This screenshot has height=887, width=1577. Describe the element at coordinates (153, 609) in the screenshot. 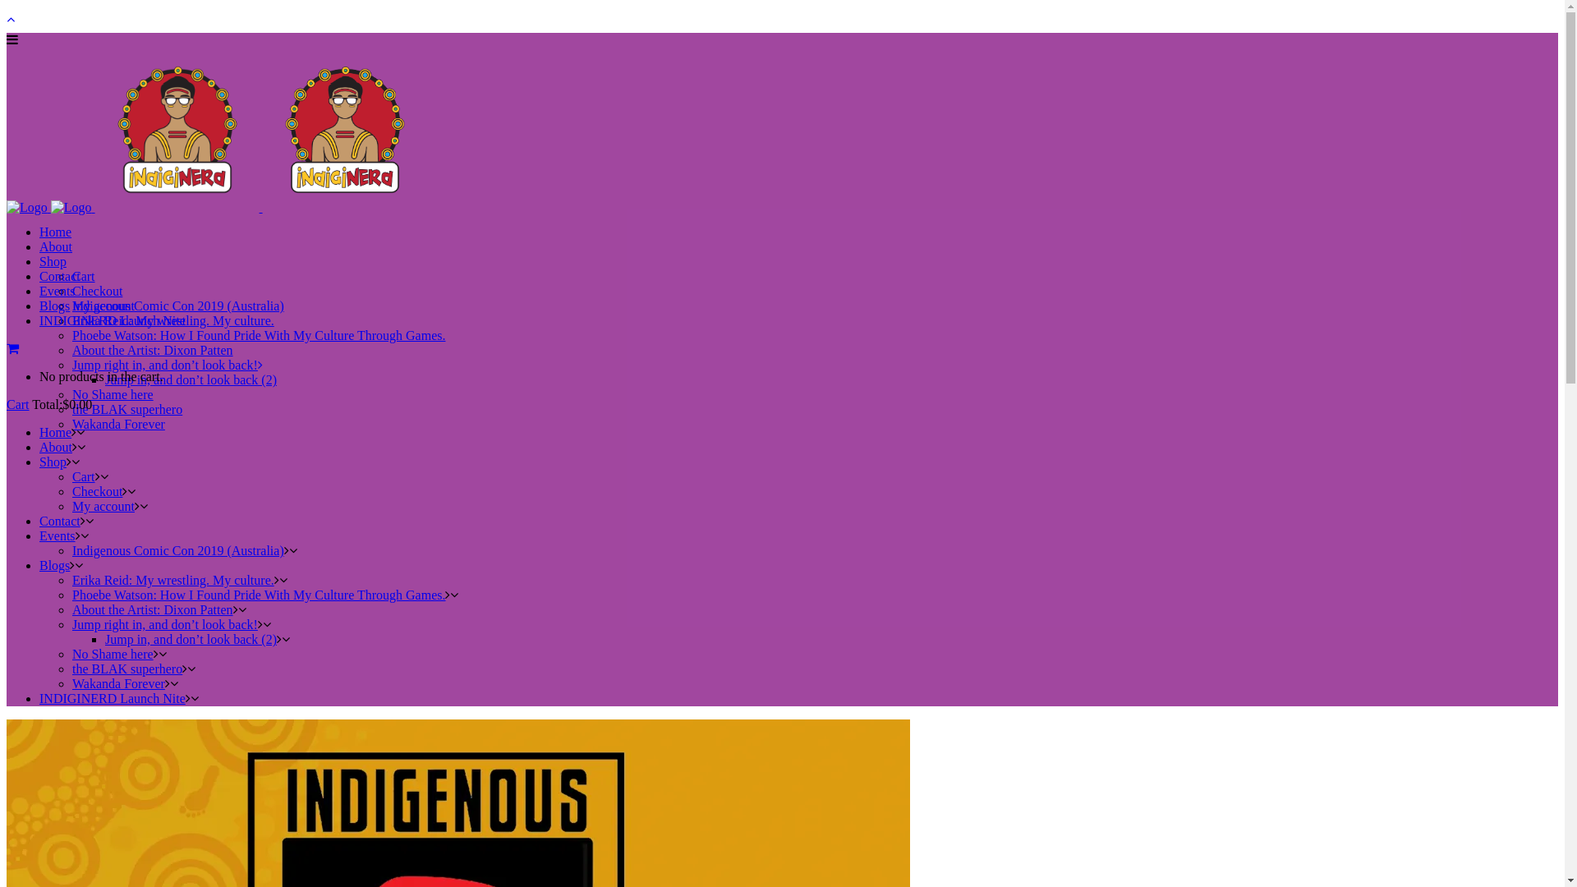

I see `'About the Artist: Dixon Patten'` at that location.